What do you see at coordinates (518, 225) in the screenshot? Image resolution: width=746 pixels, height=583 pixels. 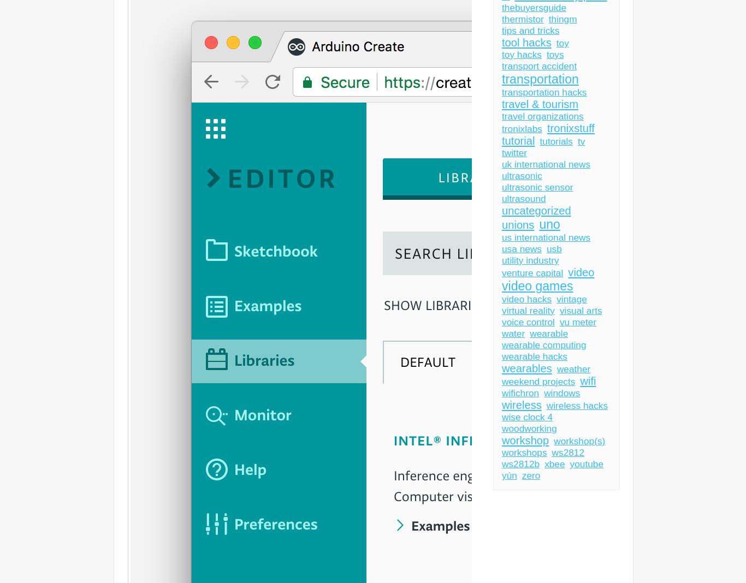 I see `'unions'` at bounding box center [518, 225].